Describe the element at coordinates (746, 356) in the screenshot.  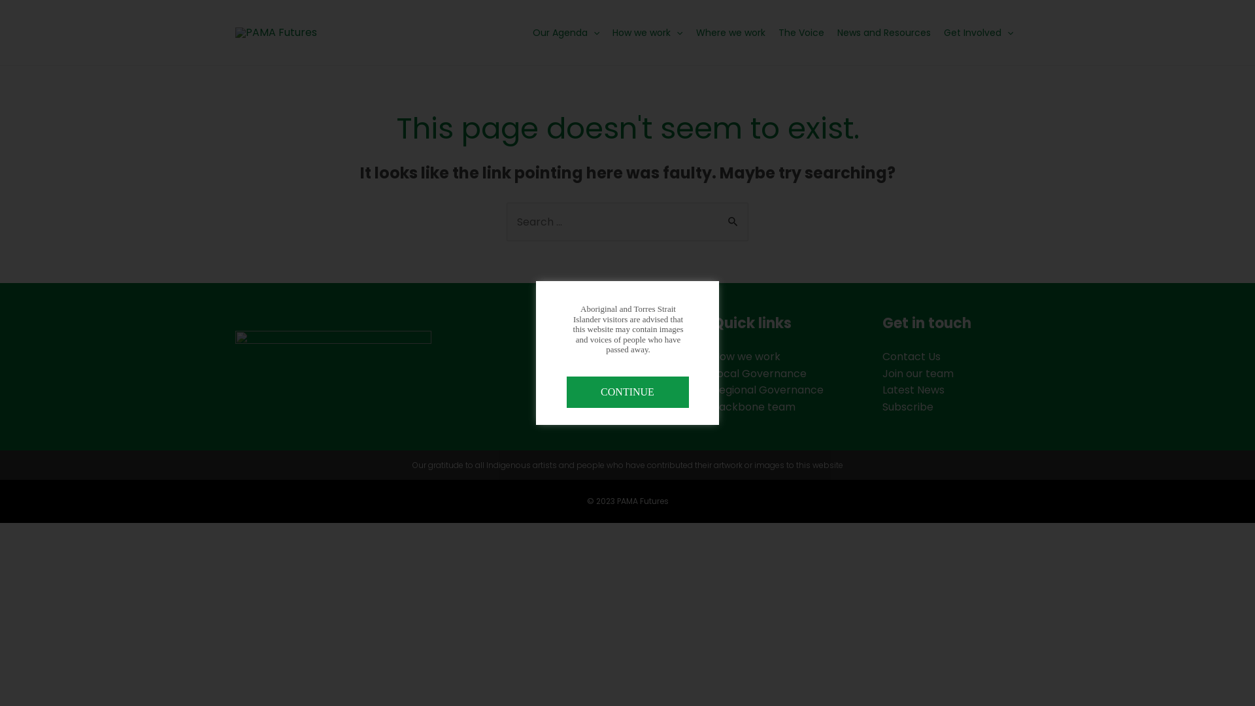
I see `'How we work'` at that location.